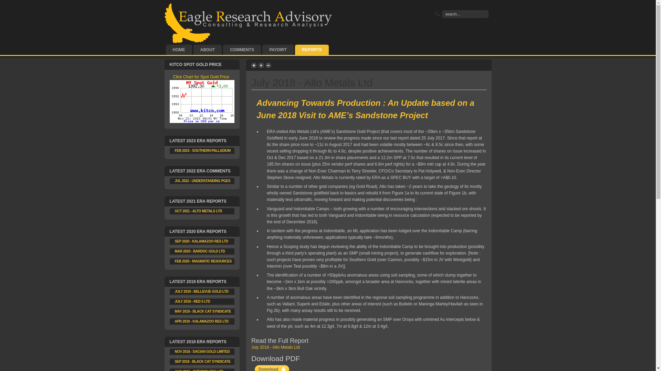  What do you see at coordinates (223, 49) in the screenshot?
I see `'COMMENTS'` at bounding box center [223, 49].